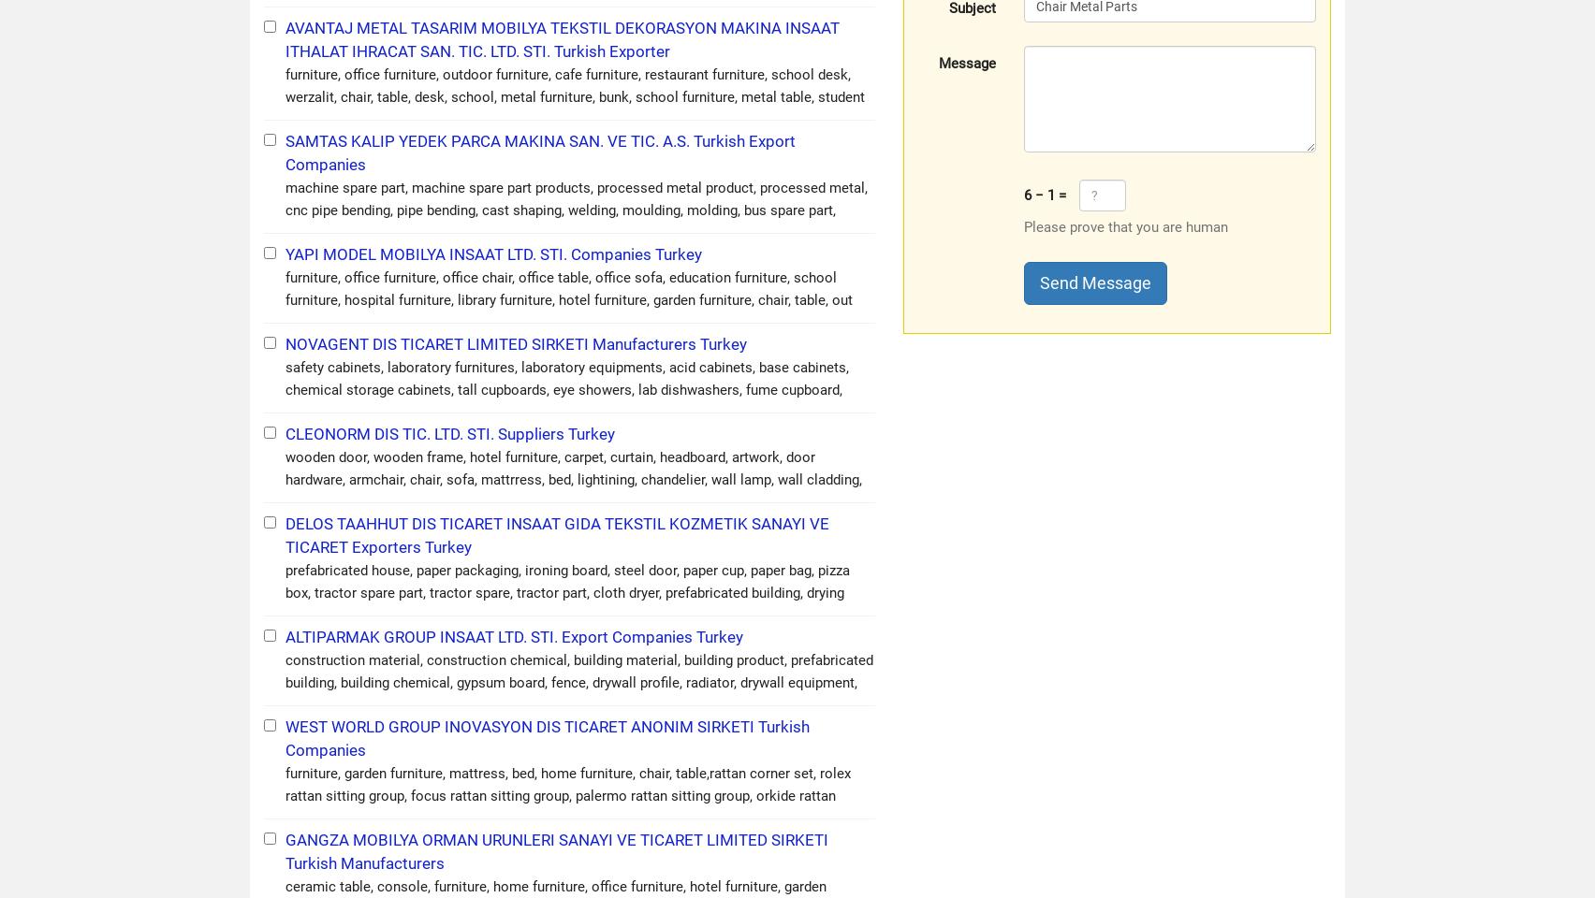 The image size is (1595, 898). What do you see at coordinates (573, 479) in the screenshot?
I see `'wooden door, wooden frame, hotel furniture, carpet, curtain, headboard, artwork, door hardware, armchair, chair, sofa, mattrress, bed, lightining, chandelier, wall lamp, wall cladding, walnut, oak, sa'` at bounding box center [573, 479].